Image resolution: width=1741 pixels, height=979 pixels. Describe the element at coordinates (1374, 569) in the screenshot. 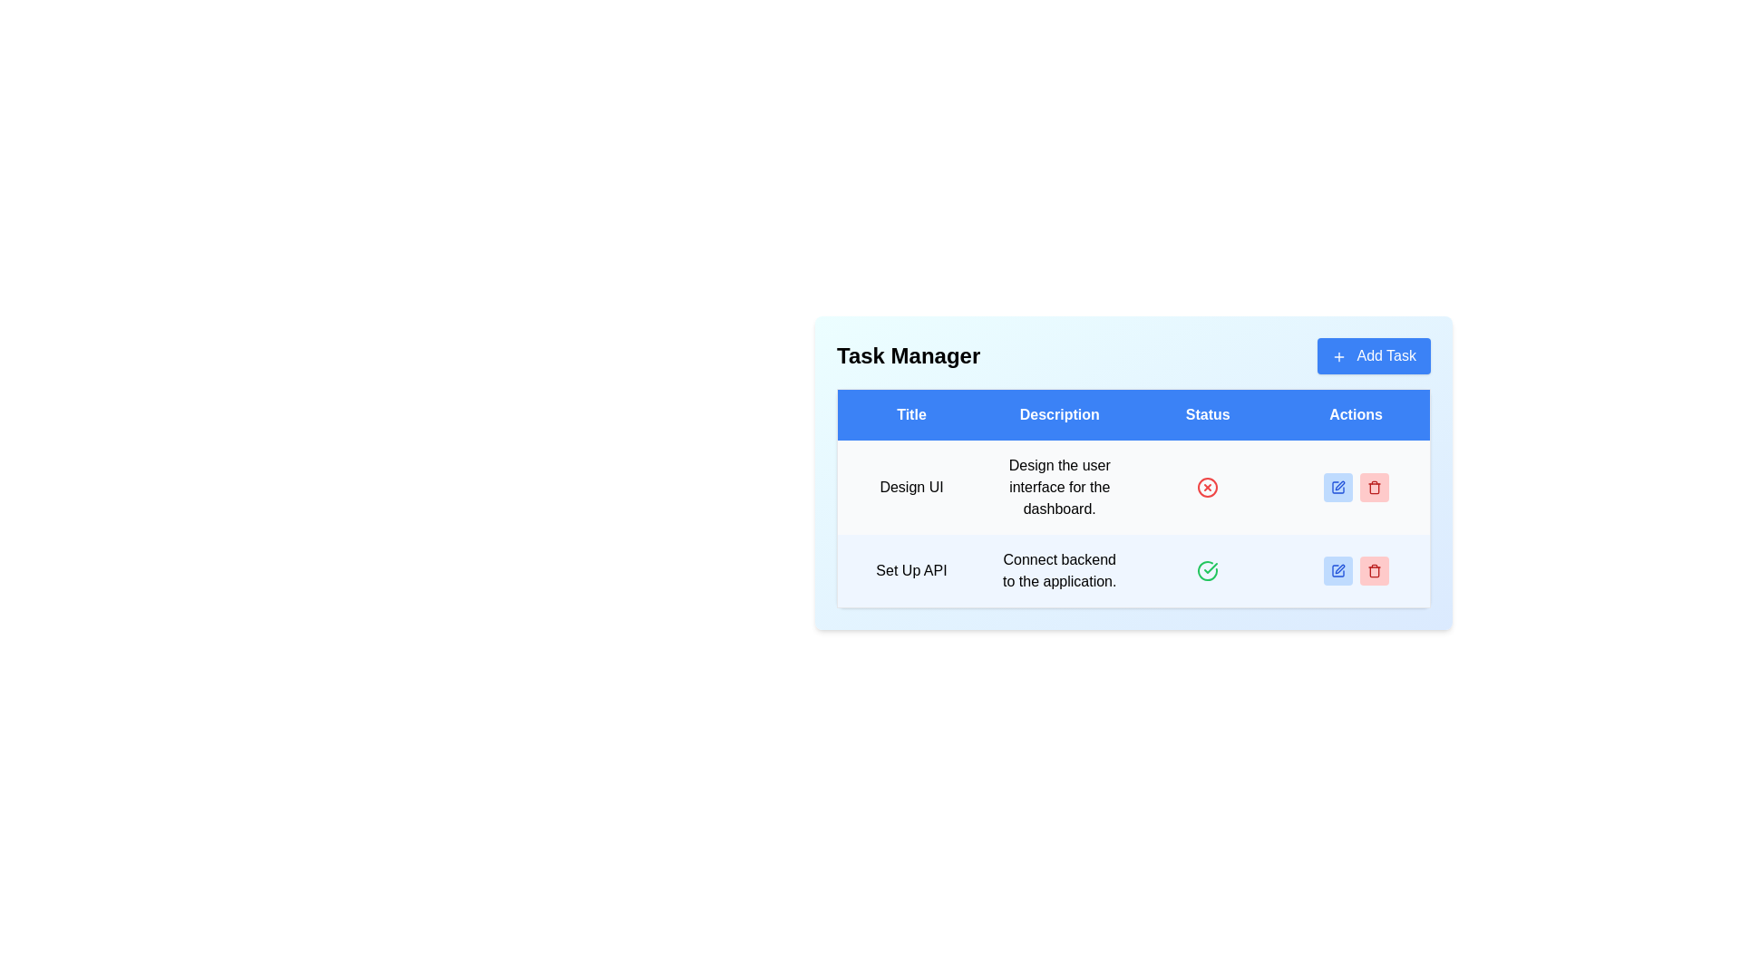

I see `the delete icon button located in the Actions column of the second row of the tasks table` at that location.